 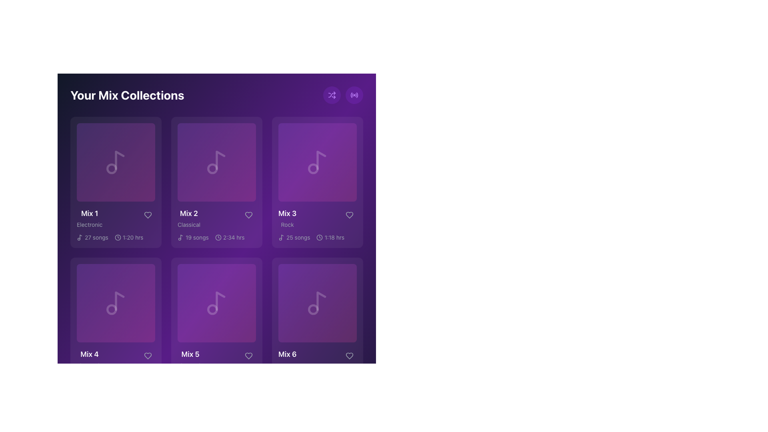 I want to click on the heart-shaped icon in the lower-right section of the 'Mix 1' card to mark it as a favorite, so click(x=148, y=214).